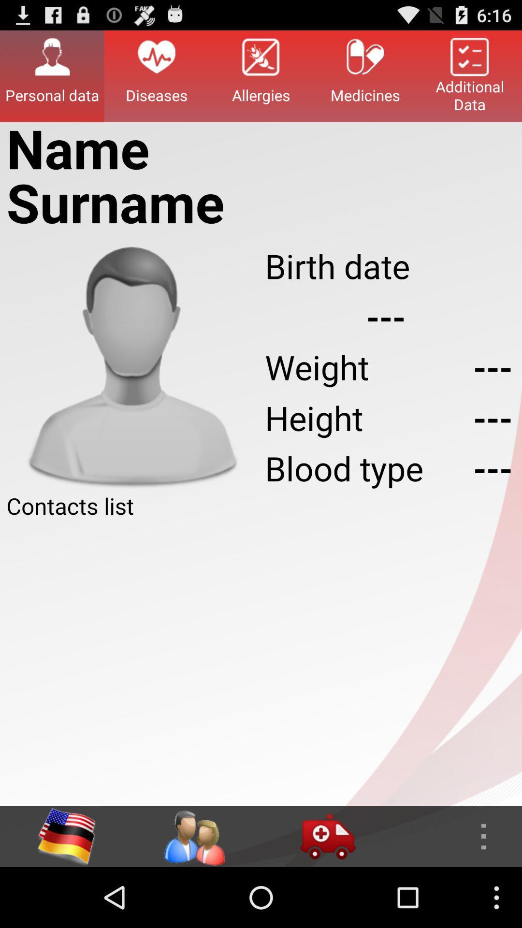 This screenshot has height=928, width=522. I want to click on personal data button, so click(52, 75).